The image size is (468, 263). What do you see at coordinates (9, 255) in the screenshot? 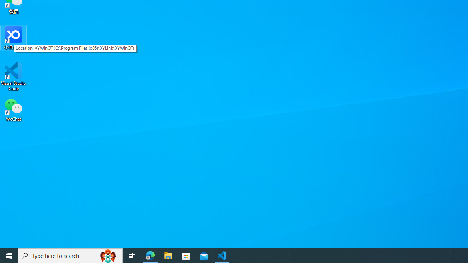
I see `'Start'` at bounding box center [9, 255].